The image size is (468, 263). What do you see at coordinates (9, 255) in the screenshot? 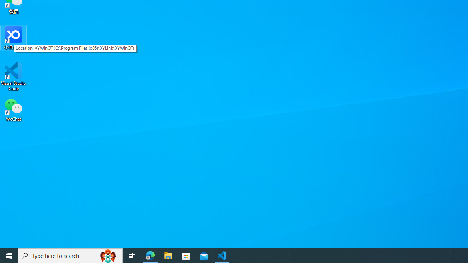
I see `'Start'` at bounding box center [9, 255].